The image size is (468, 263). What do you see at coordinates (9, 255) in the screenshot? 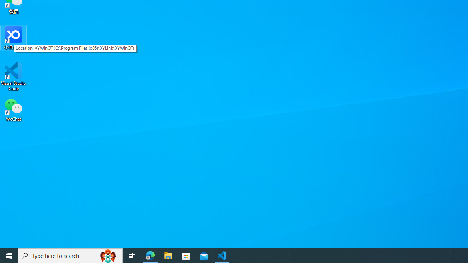
I see `'Start'` at bounding box center [9, 255].